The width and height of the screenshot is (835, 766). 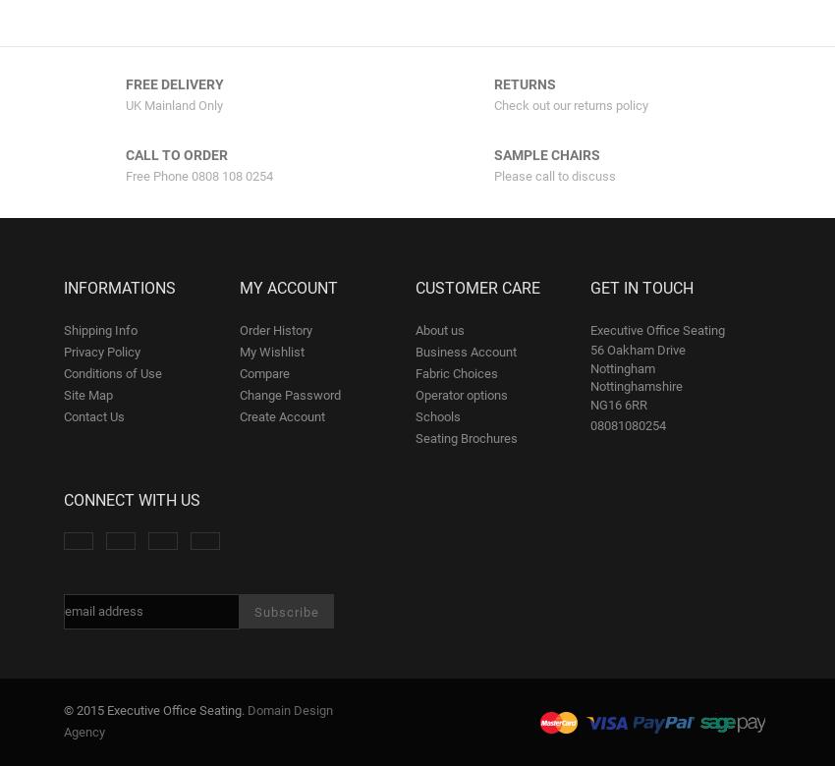 I want to click on 'Change Password', so click(x=288, y=395).